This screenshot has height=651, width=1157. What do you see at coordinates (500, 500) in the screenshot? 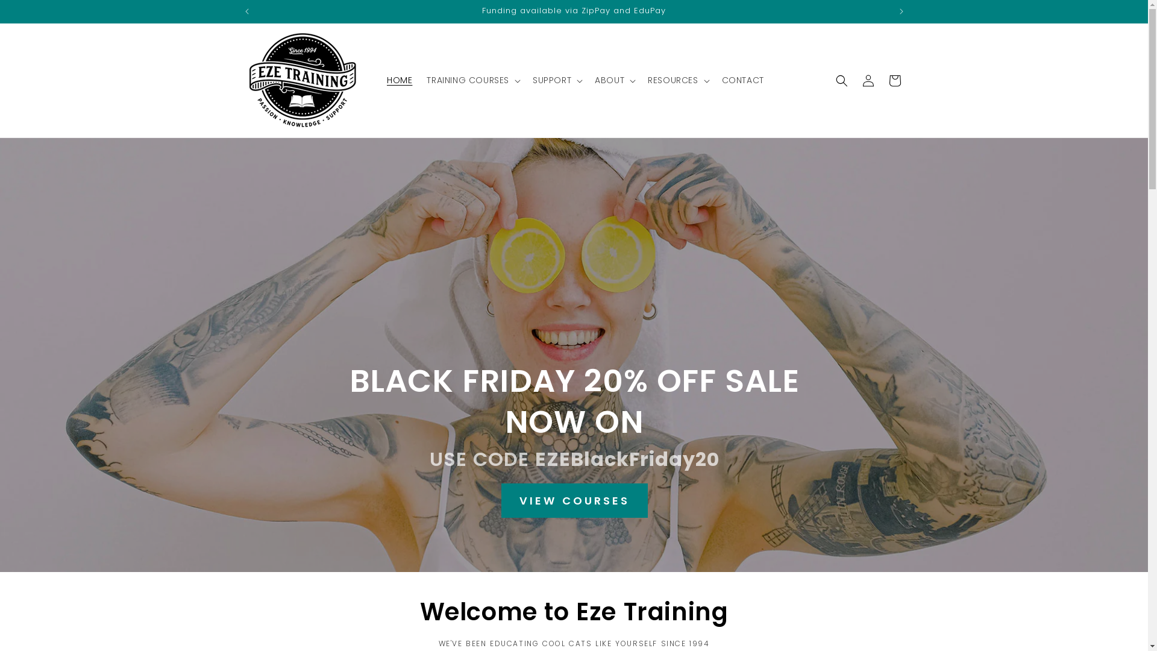
I see `'VIEW COURSES'` at bounding box center [500, 500].